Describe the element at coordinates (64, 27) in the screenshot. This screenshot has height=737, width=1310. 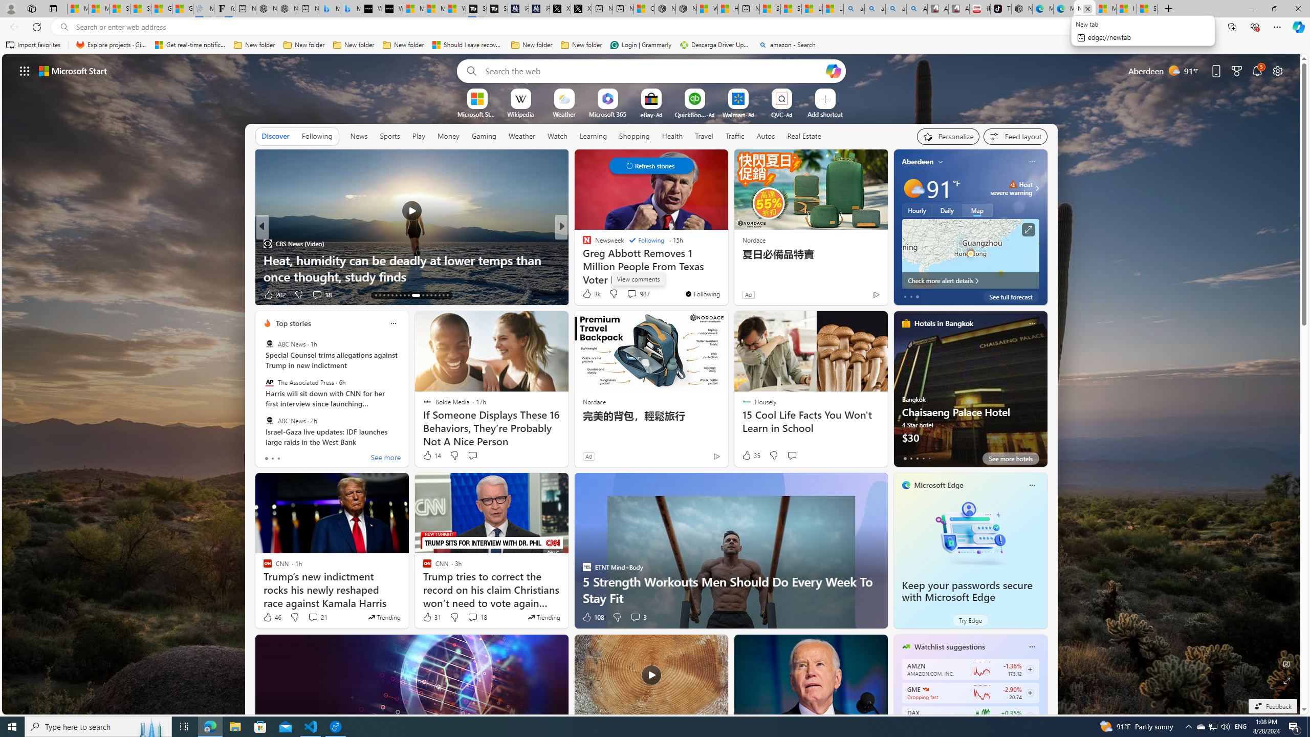
I see `'Search icon'` at that location.